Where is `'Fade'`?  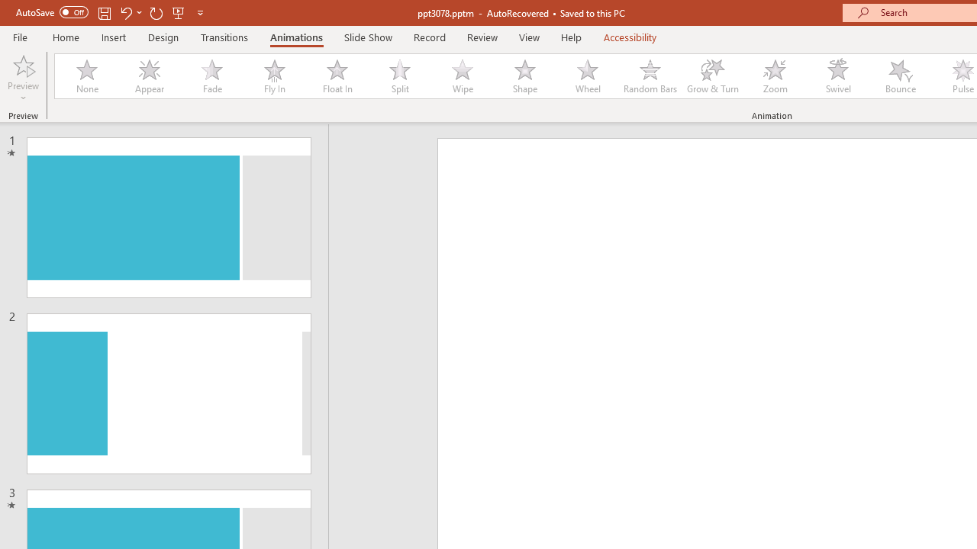 'Fade' is located at coordinates (211, 76).